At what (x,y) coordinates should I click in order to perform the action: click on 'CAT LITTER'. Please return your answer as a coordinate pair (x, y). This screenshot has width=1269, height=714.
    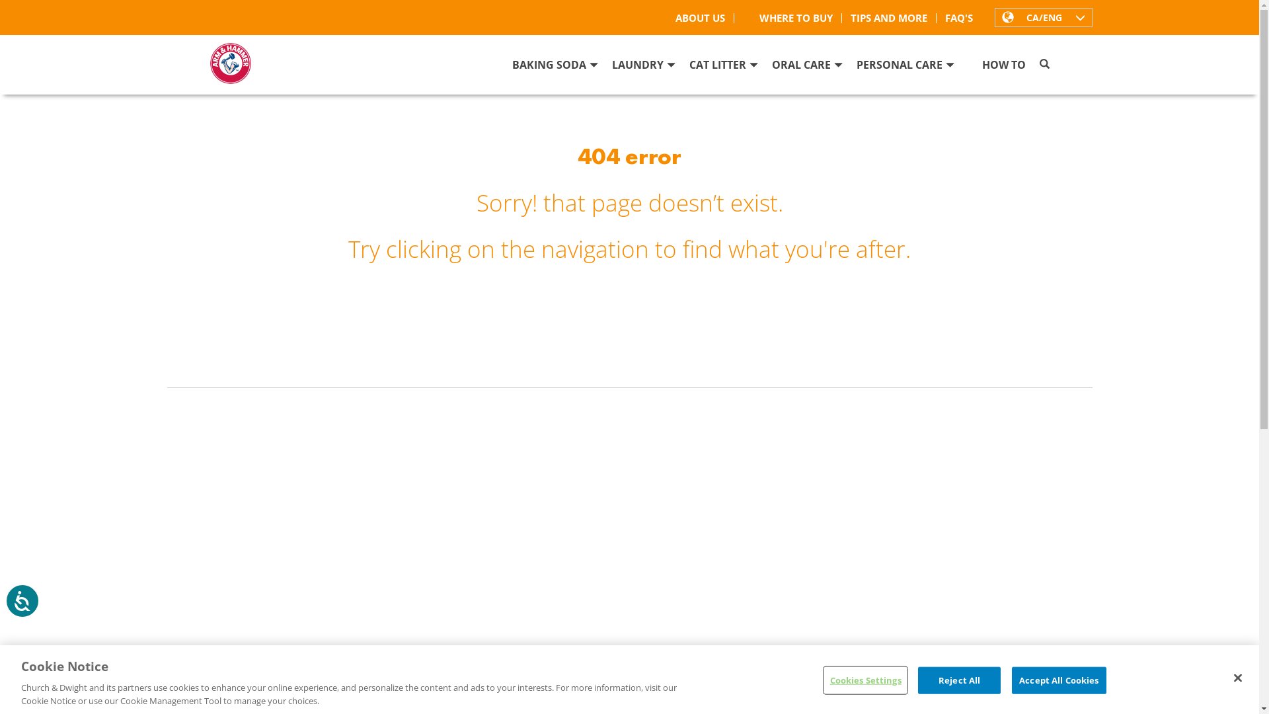
    Looking at the image, I should click on (722, 69).